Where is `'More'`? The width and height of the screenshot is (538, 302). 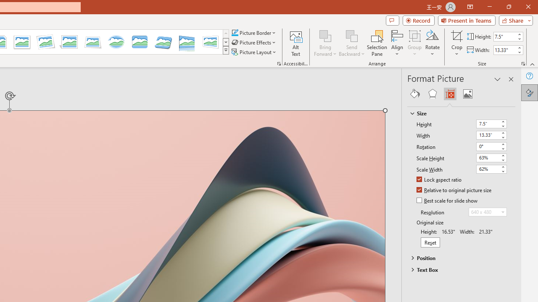 'More' is located at coordinates (519, 47).